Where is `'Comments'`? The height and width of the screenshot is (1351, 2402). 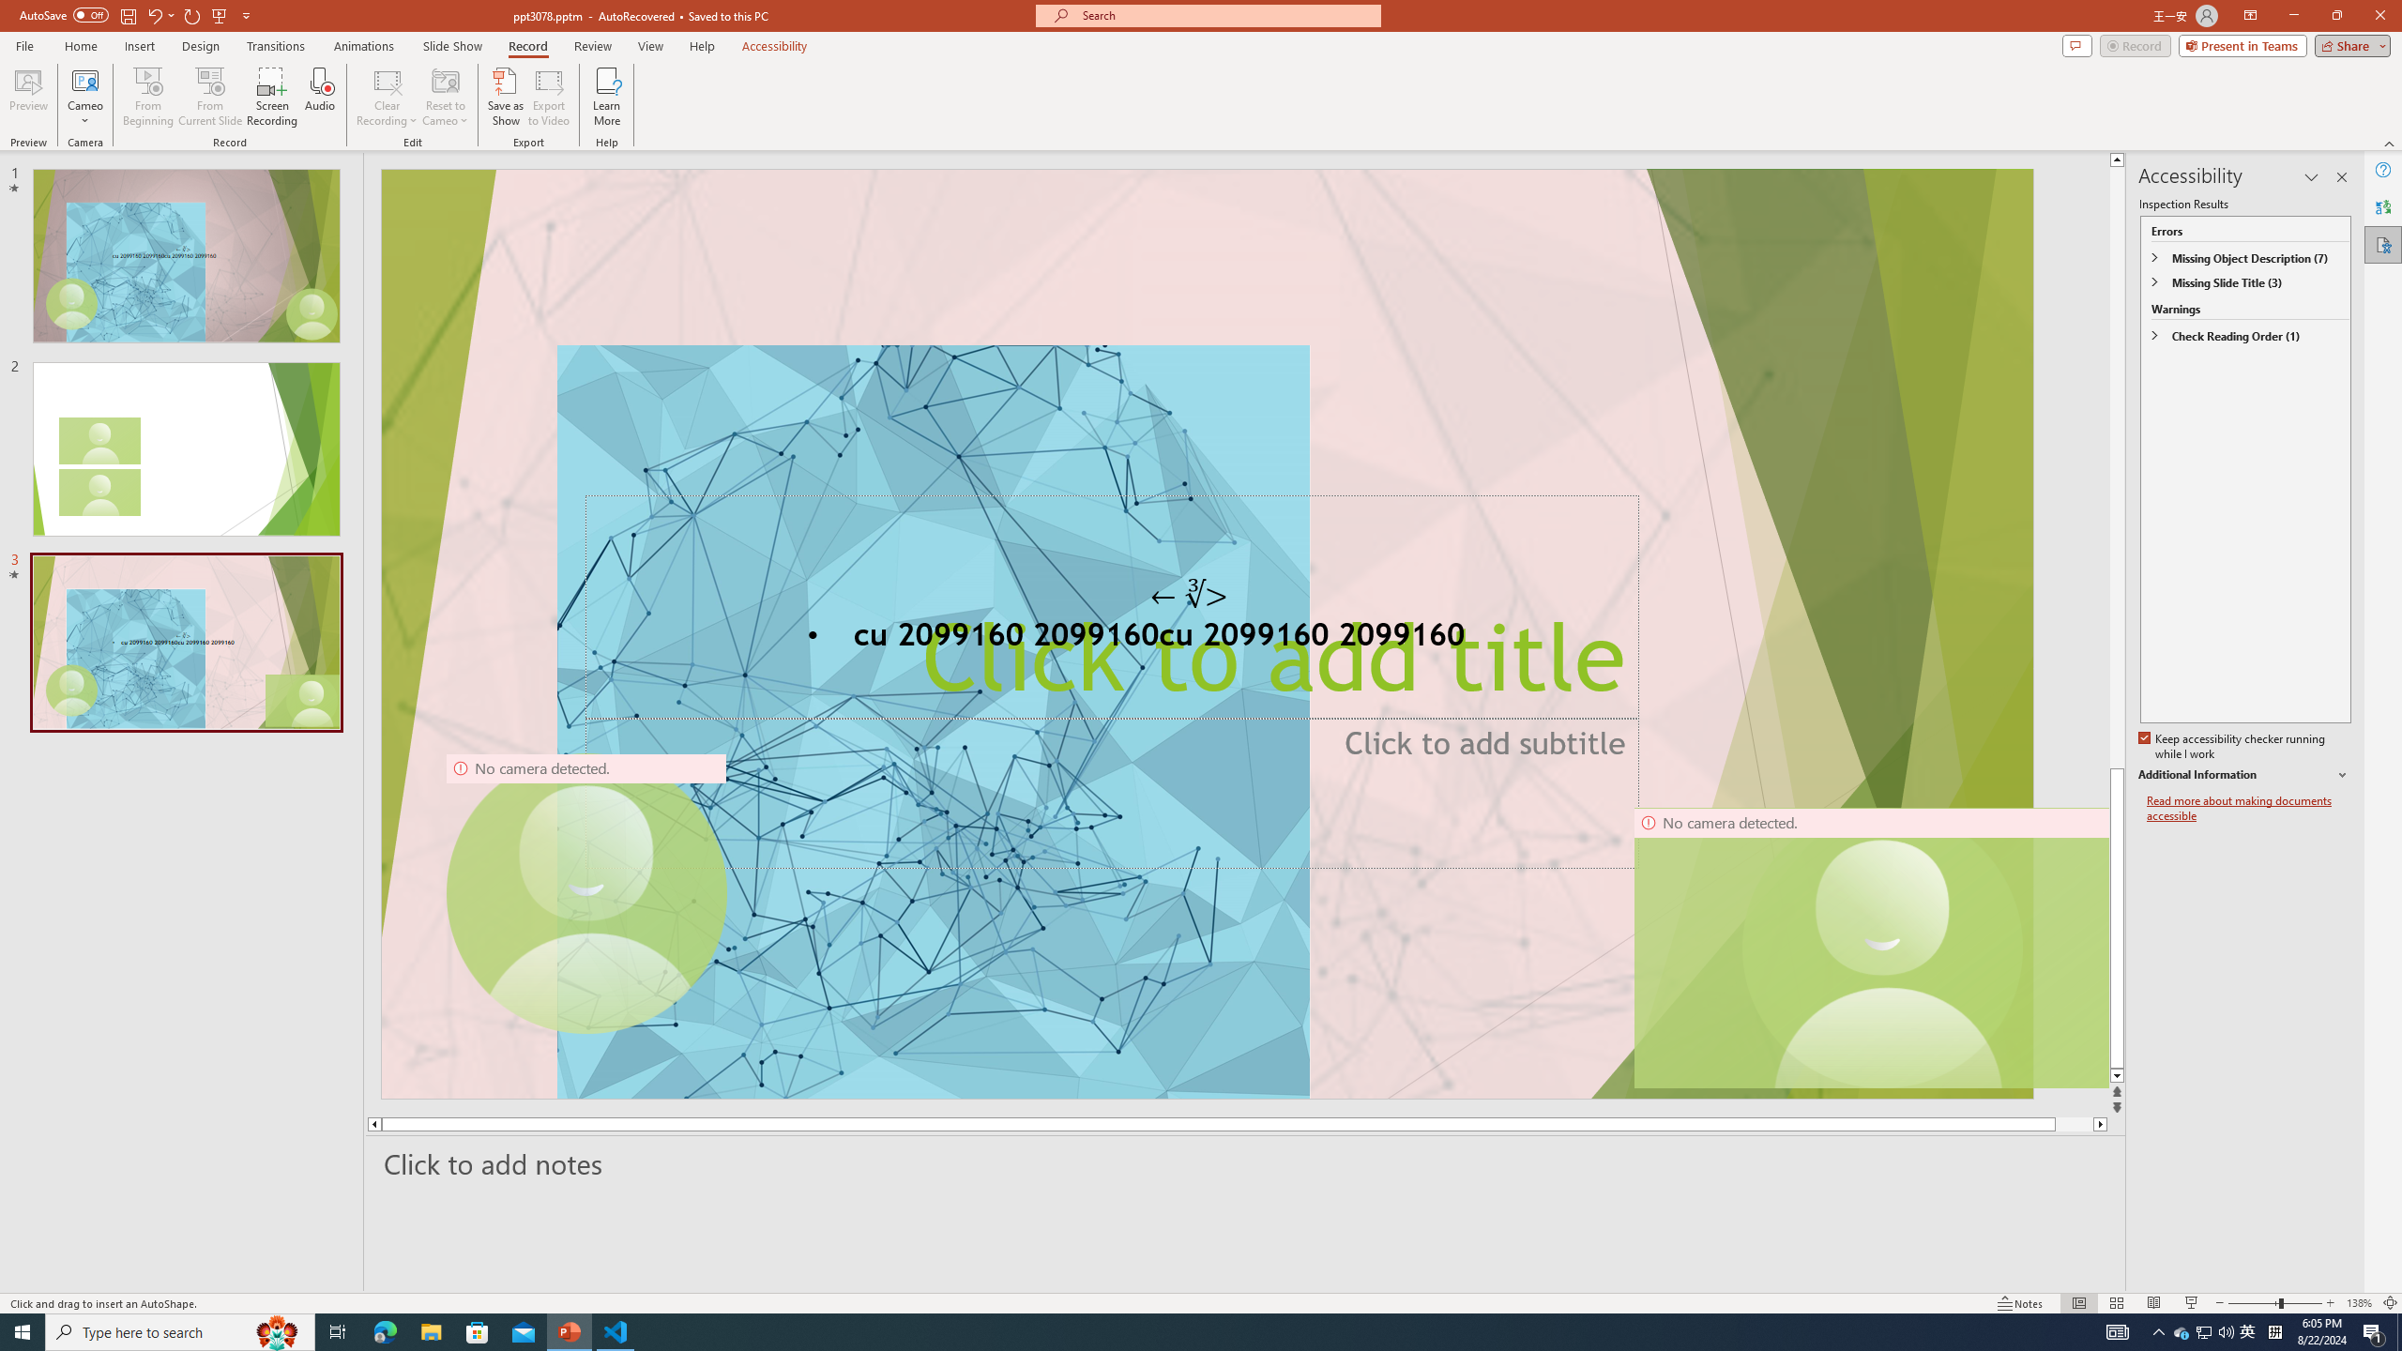 'Comments' is located at coordinates (2076, 44).